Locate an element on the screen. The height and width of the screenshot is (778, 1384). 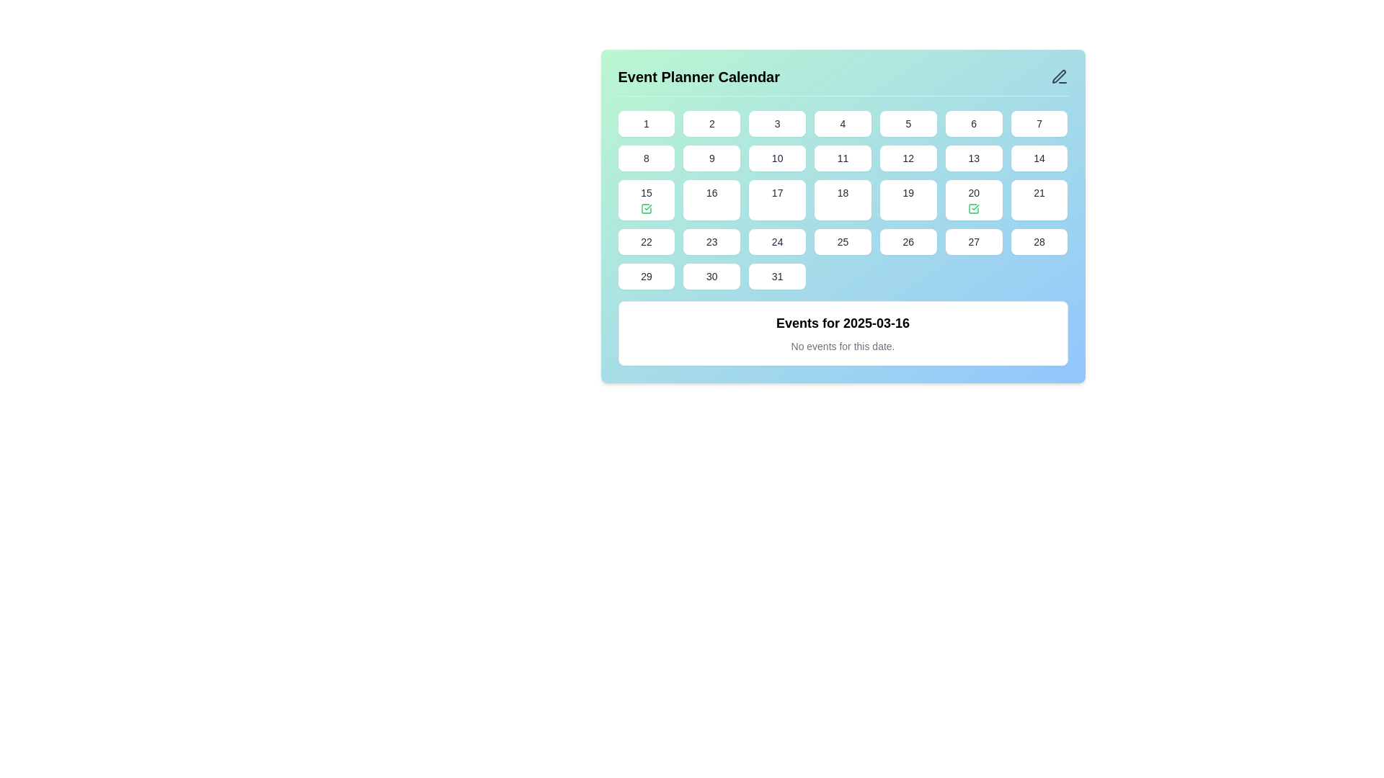
the button representing the 18th day in the Event Planner Calendar, located in the fourth row and fourth column of the calendar grid is located at coordinates (843, 200).